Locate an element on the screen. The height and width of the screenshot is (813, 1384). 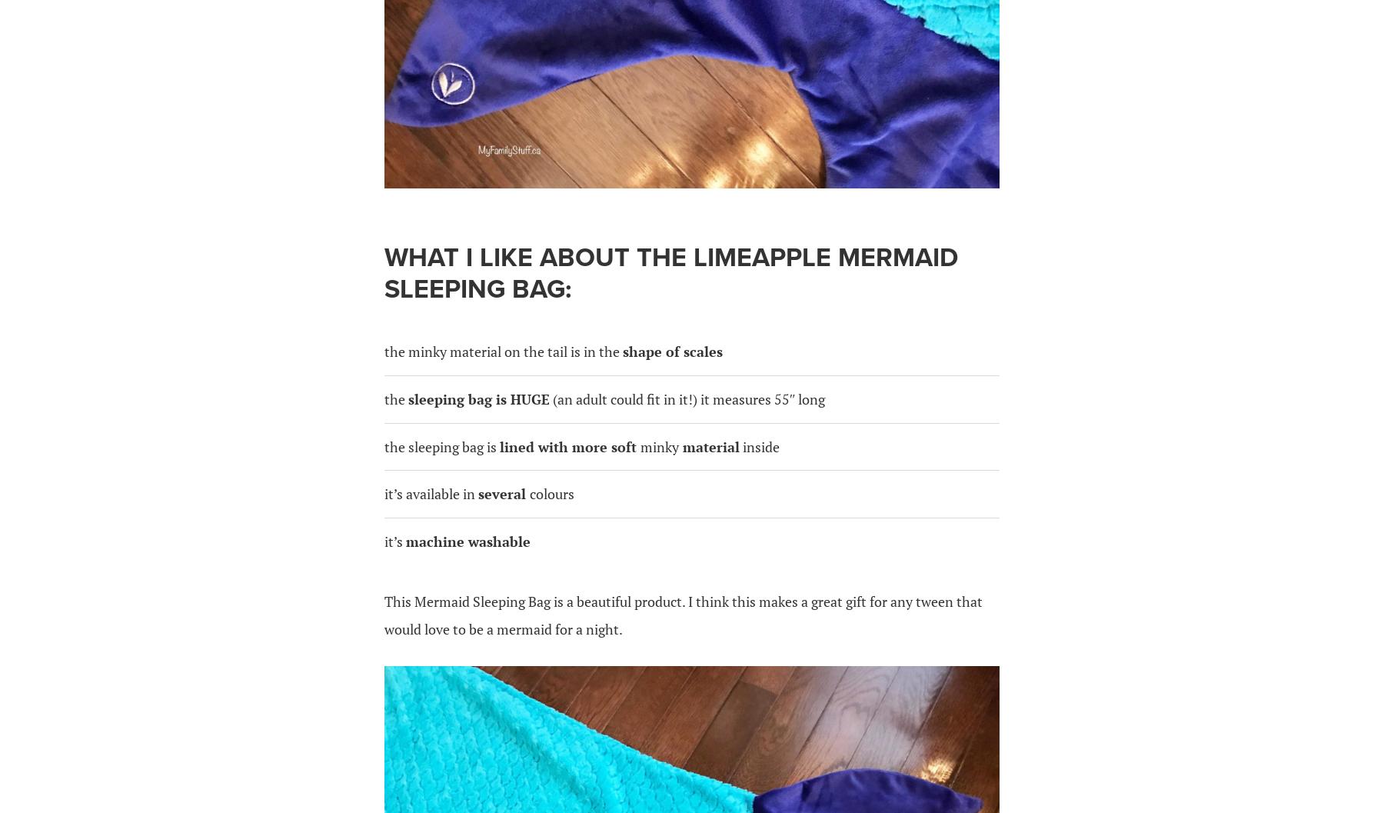
'sleeping bag is HUGE' is located at coordinates (408, 398).